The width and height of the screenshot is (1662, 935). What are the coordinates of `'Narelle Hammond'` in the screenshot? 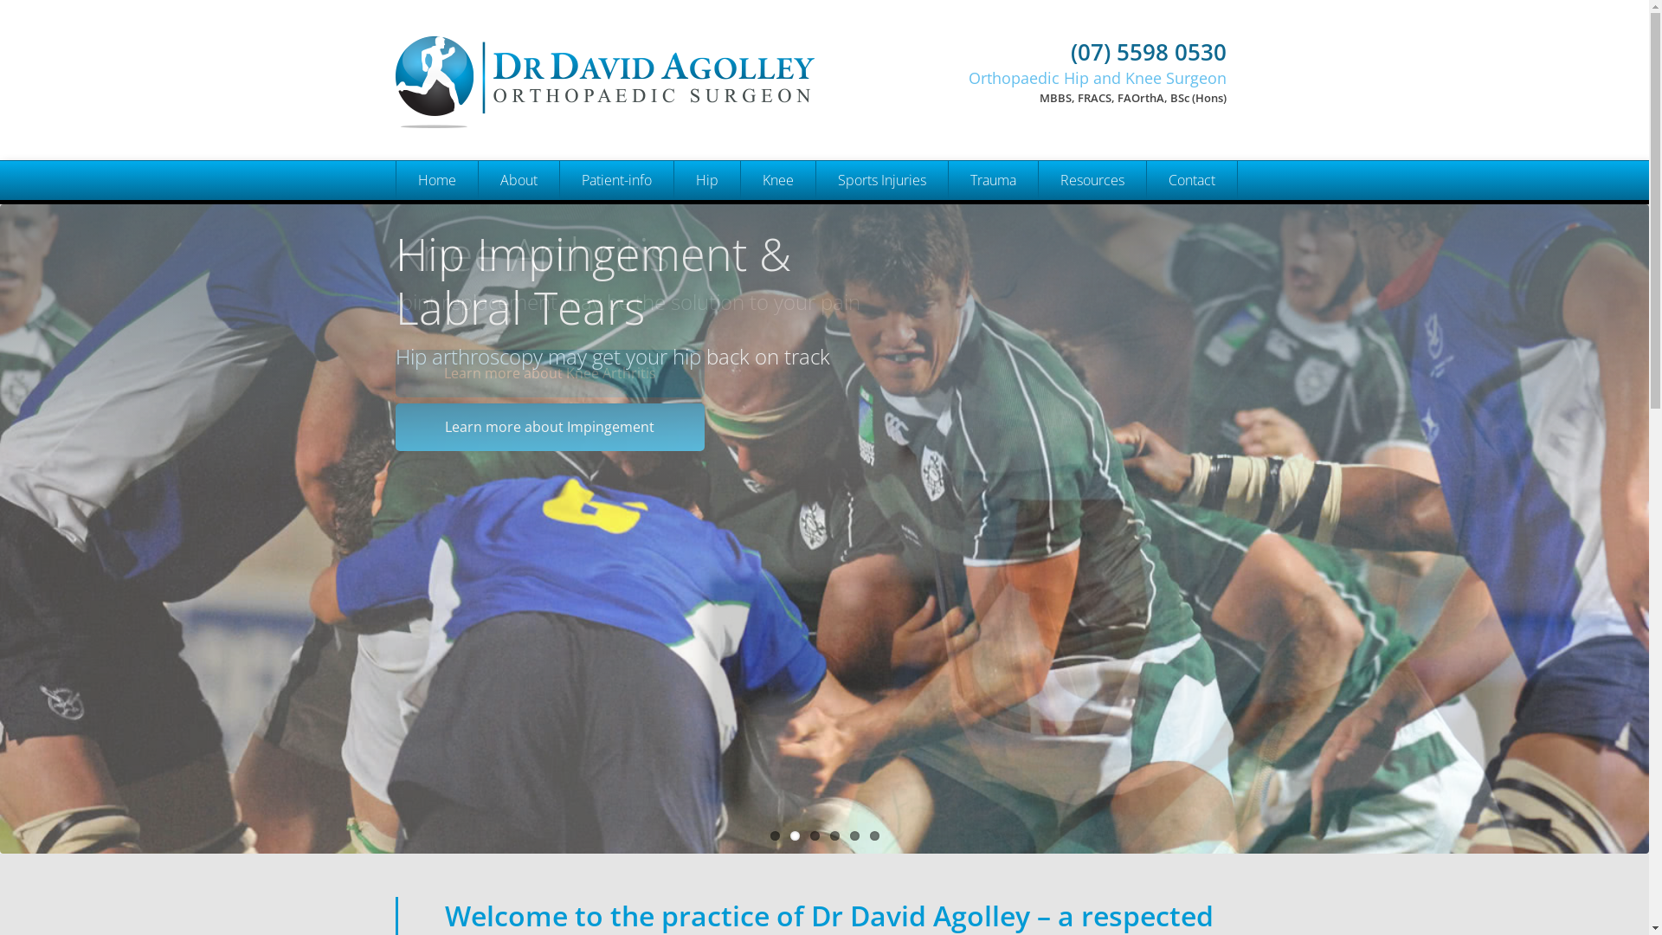 It's located at (518, 336).